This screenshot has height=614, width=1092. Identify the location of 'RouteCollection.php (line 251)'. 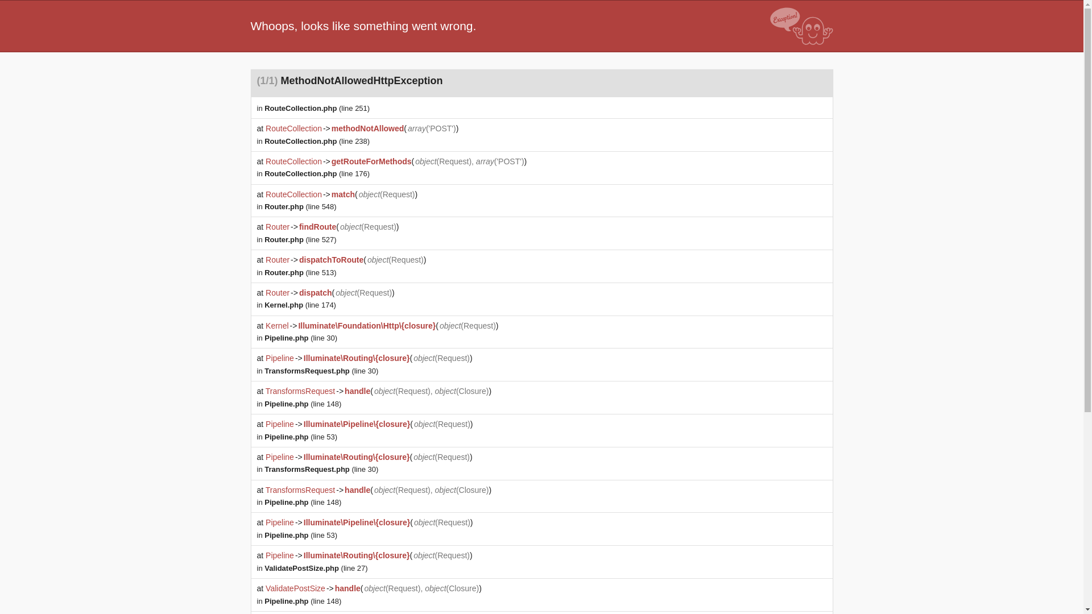
(317, 108).